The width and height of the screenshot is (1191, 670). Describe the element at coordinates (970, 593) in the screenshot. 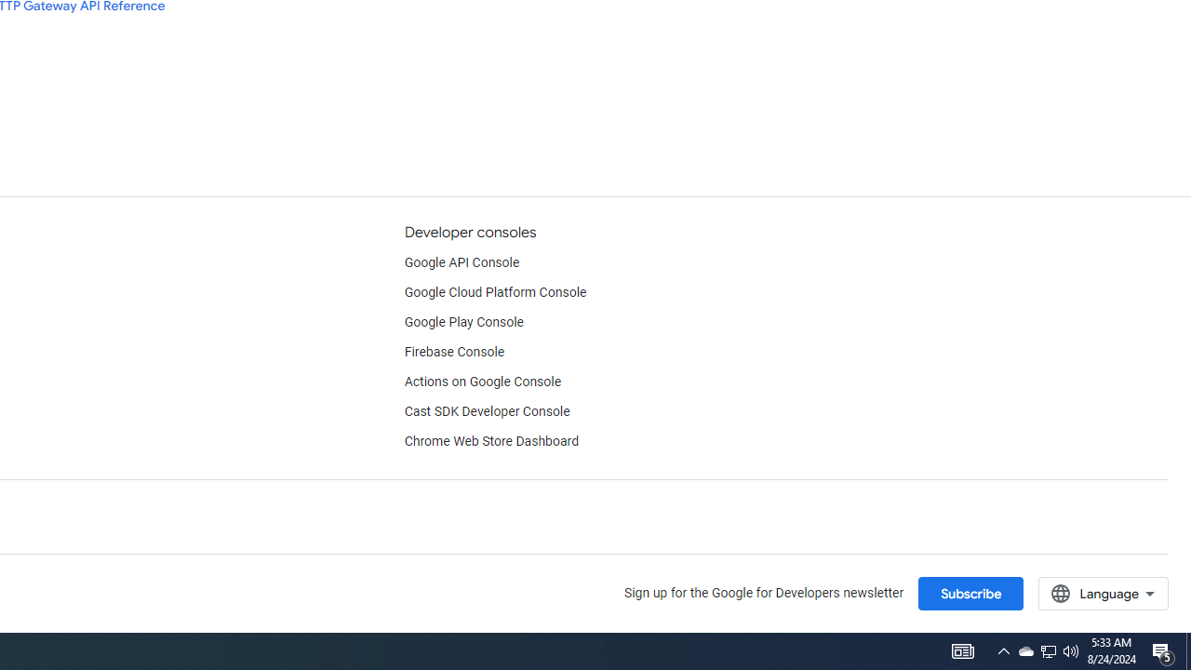

I see `'Subscribe'` at that location.